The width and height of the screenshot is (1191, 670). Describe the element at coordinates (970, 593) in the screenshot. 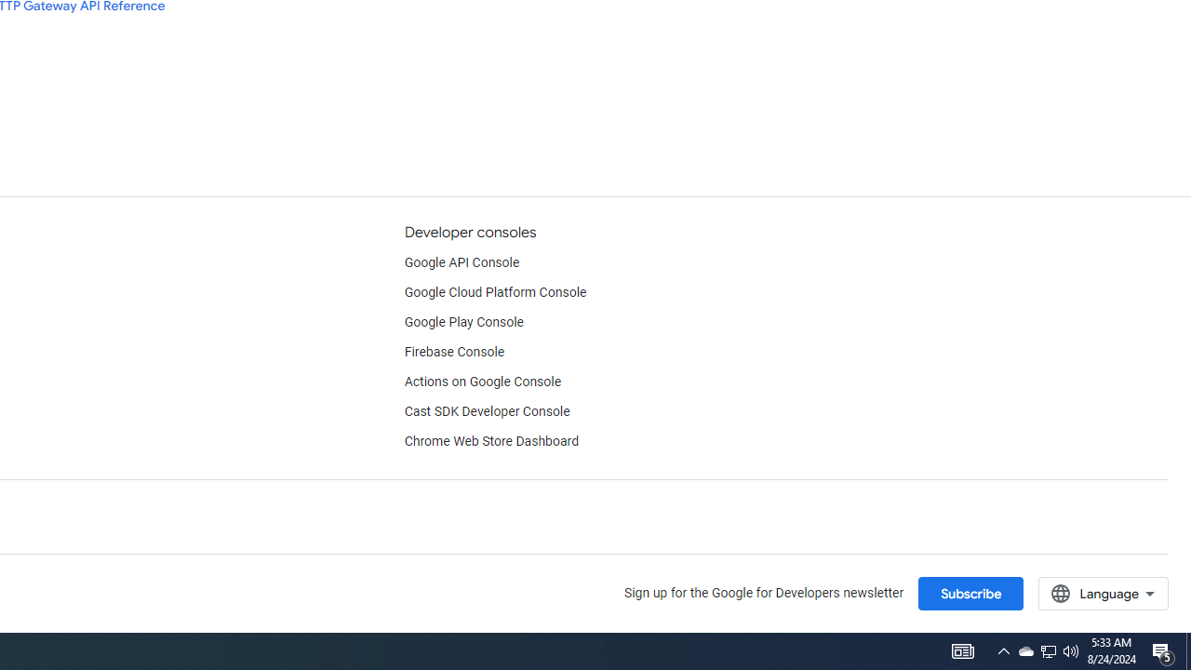

I see `'Subscribe'` at that location.